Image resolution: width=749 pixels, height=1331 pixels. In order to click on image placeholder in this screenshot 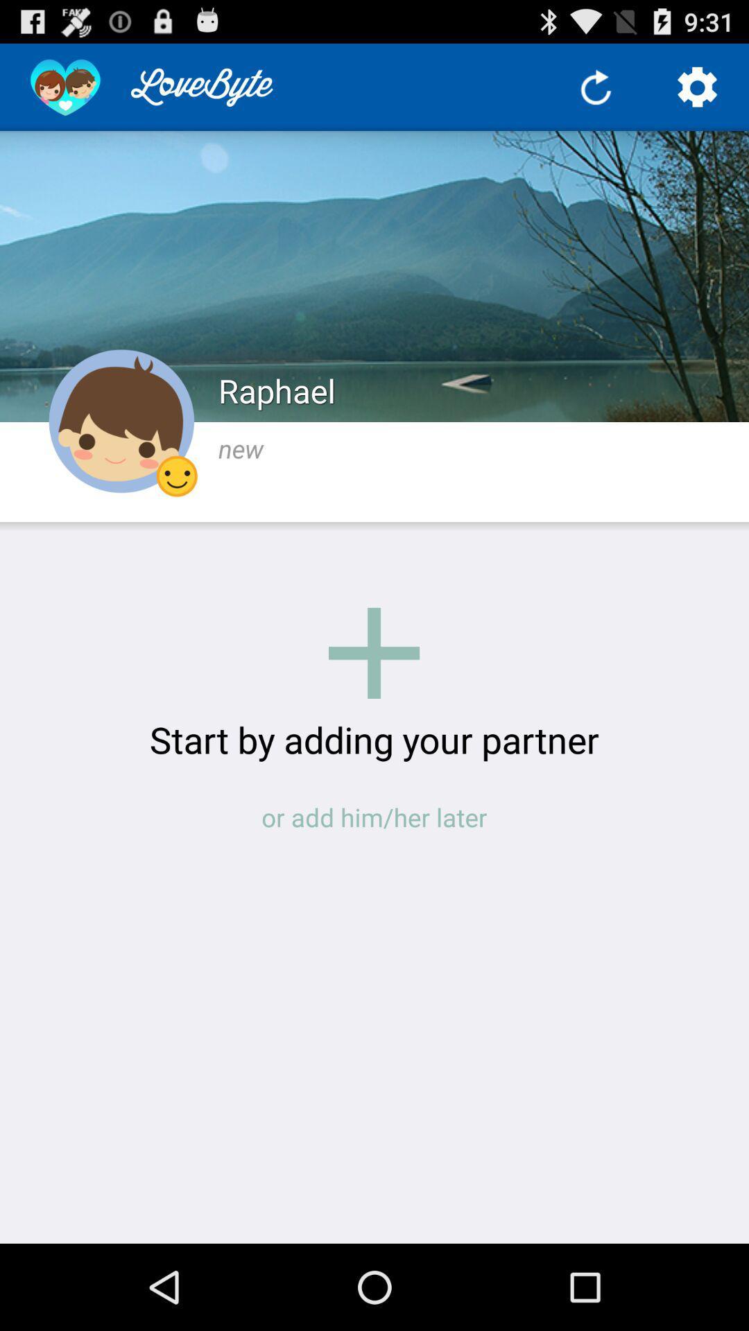, I will do `click(373, 652)`.